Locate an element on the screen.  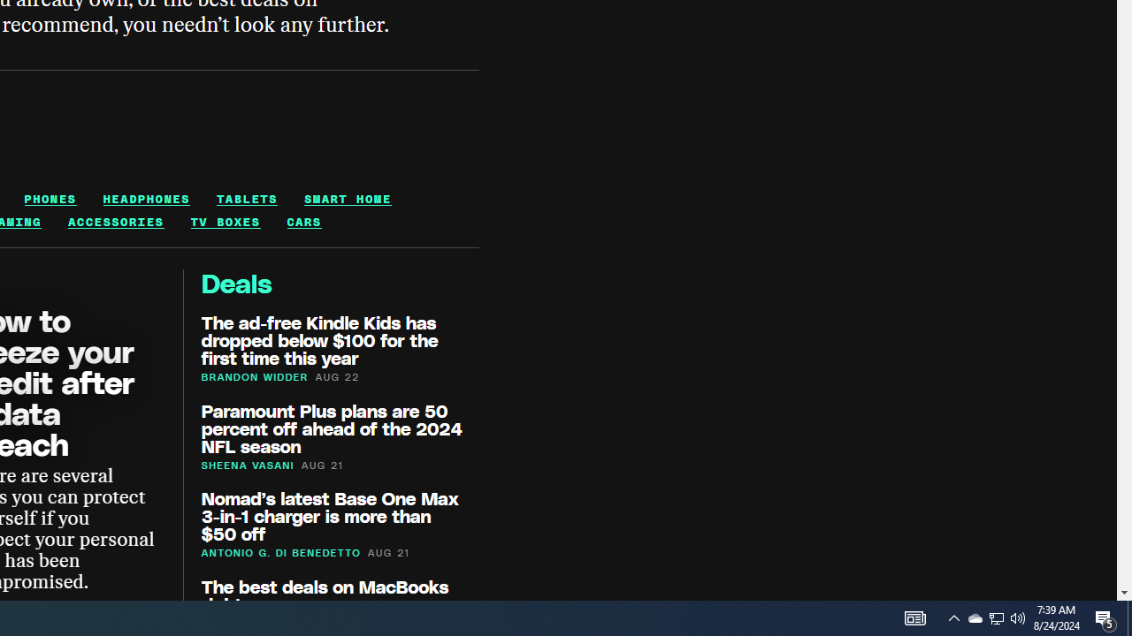
'SMART HOME' is located at coordinates (348, 199).